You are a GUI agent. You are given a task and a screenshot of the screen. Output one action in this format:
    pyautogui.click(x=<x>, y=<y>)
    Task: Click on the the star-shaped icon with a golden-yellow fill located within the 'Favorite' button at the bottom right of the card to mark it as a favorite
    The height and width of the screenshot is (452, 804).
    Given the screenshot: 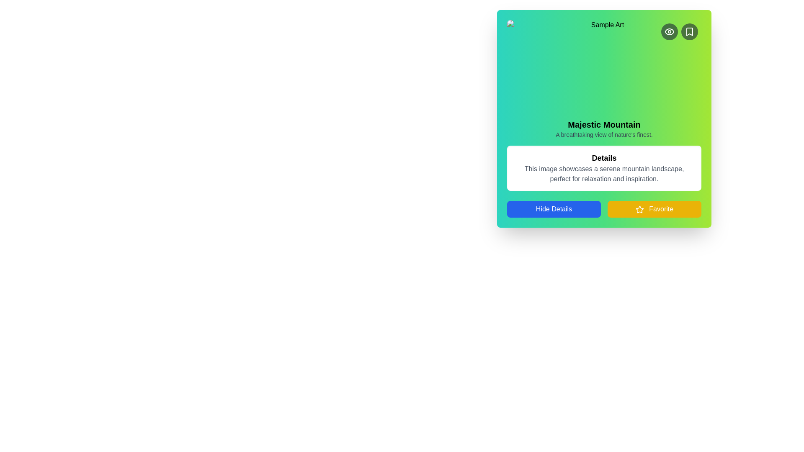 What is the action you would take?
    pyautogui.click(x=639, y=209)
    